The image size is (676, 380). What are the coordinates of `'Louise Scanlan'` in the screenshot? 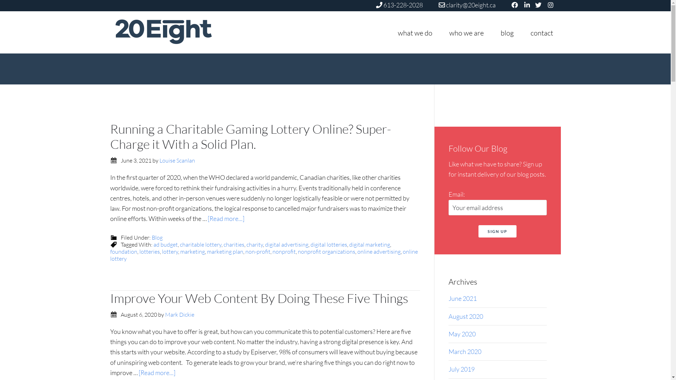 It's located at (177, 160).